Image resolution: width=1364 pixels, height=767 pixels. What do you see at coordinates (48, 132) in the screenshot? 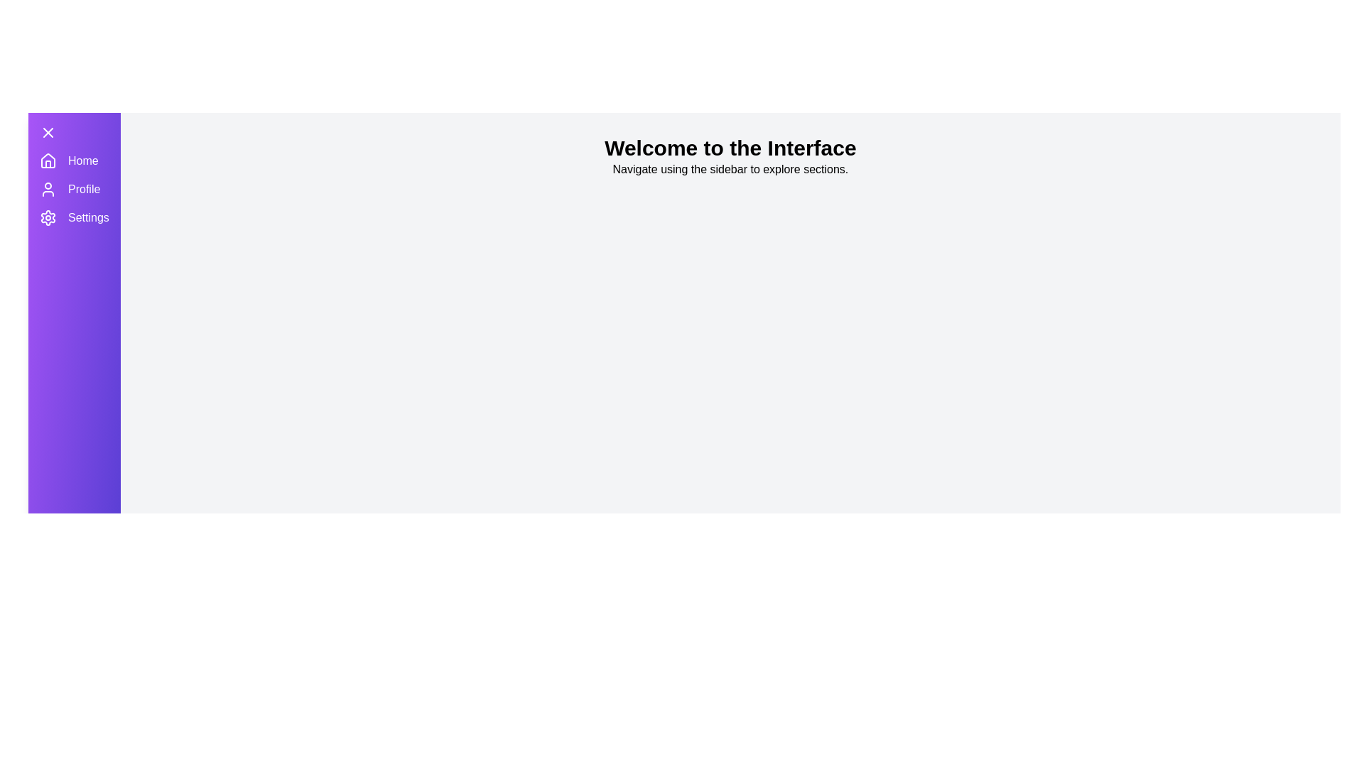
I see `the toggle button to toggle the drawer open or closed` at bounding box center [48, 132].